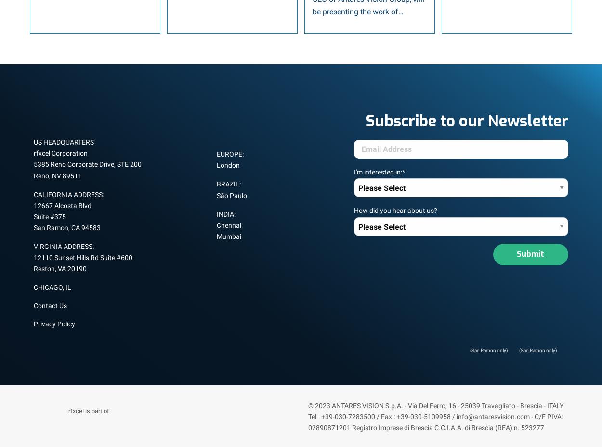 The width and height of the screenshot is (602, 447). I want to click on '*', so click(402, 171).